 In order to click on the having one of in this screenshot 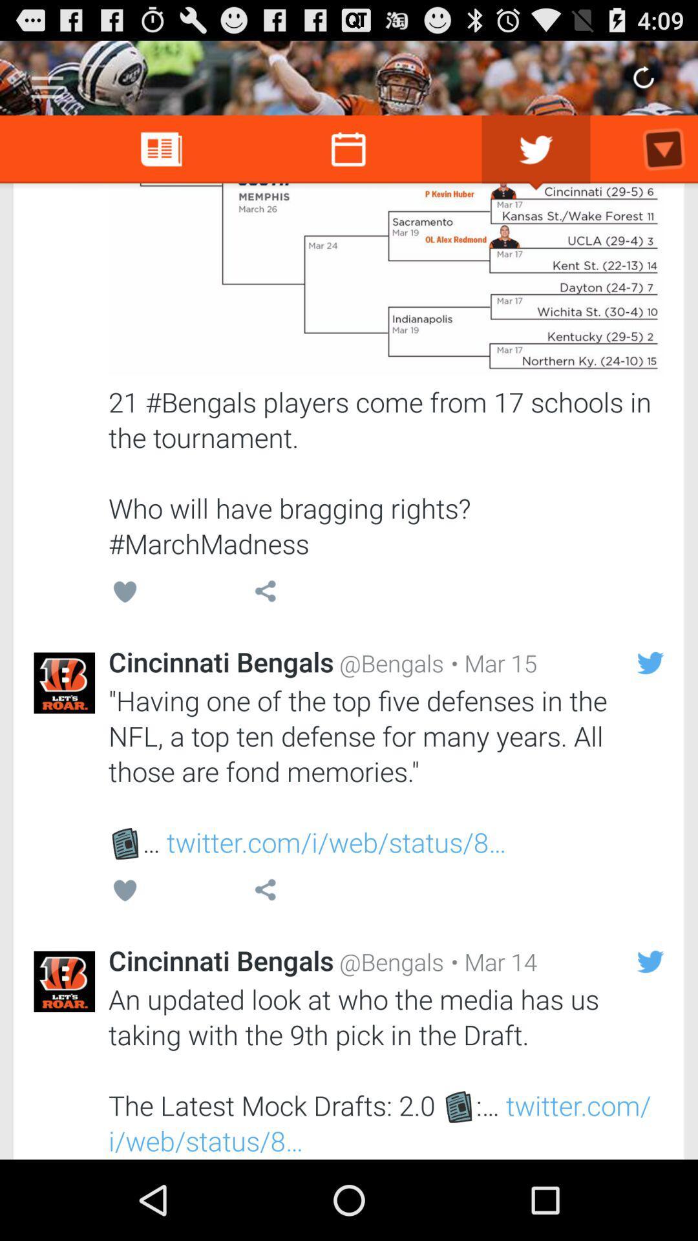, I will do `click(385, 771)`.